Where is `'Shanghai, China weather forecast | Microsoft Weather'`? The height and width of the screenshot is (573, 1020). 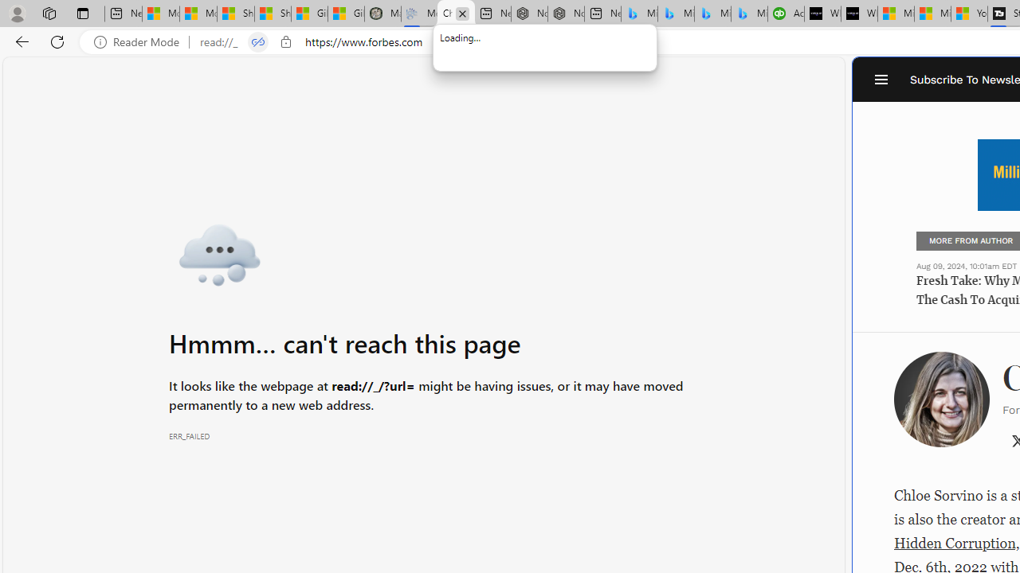
'Shanghai, China weather forecast | Microsoft Weather' is located at coordinates (273, 14).